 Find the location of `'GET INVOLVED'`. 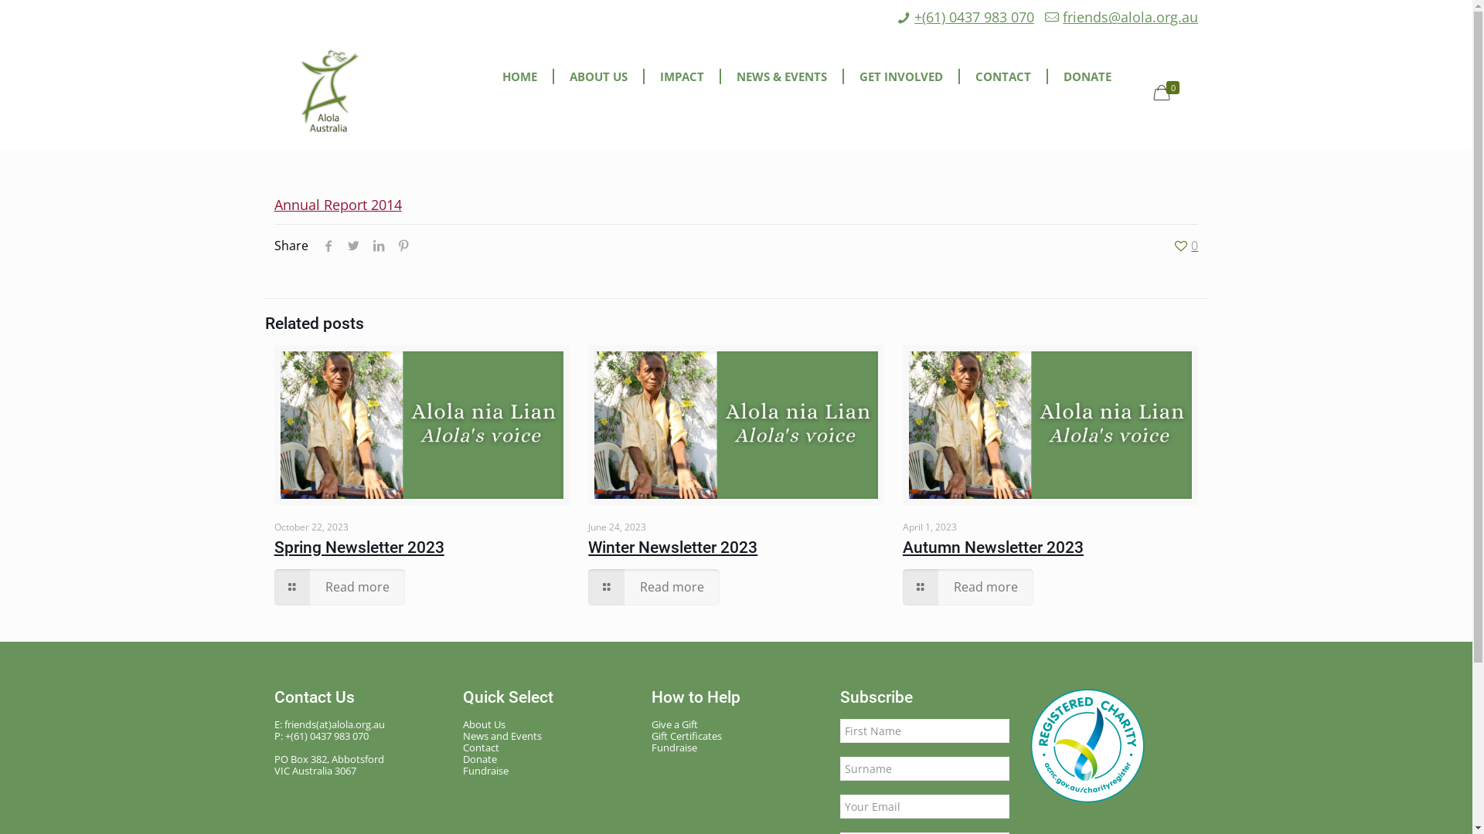

'GET INVOLVED' is located at coordinates (901, 76).